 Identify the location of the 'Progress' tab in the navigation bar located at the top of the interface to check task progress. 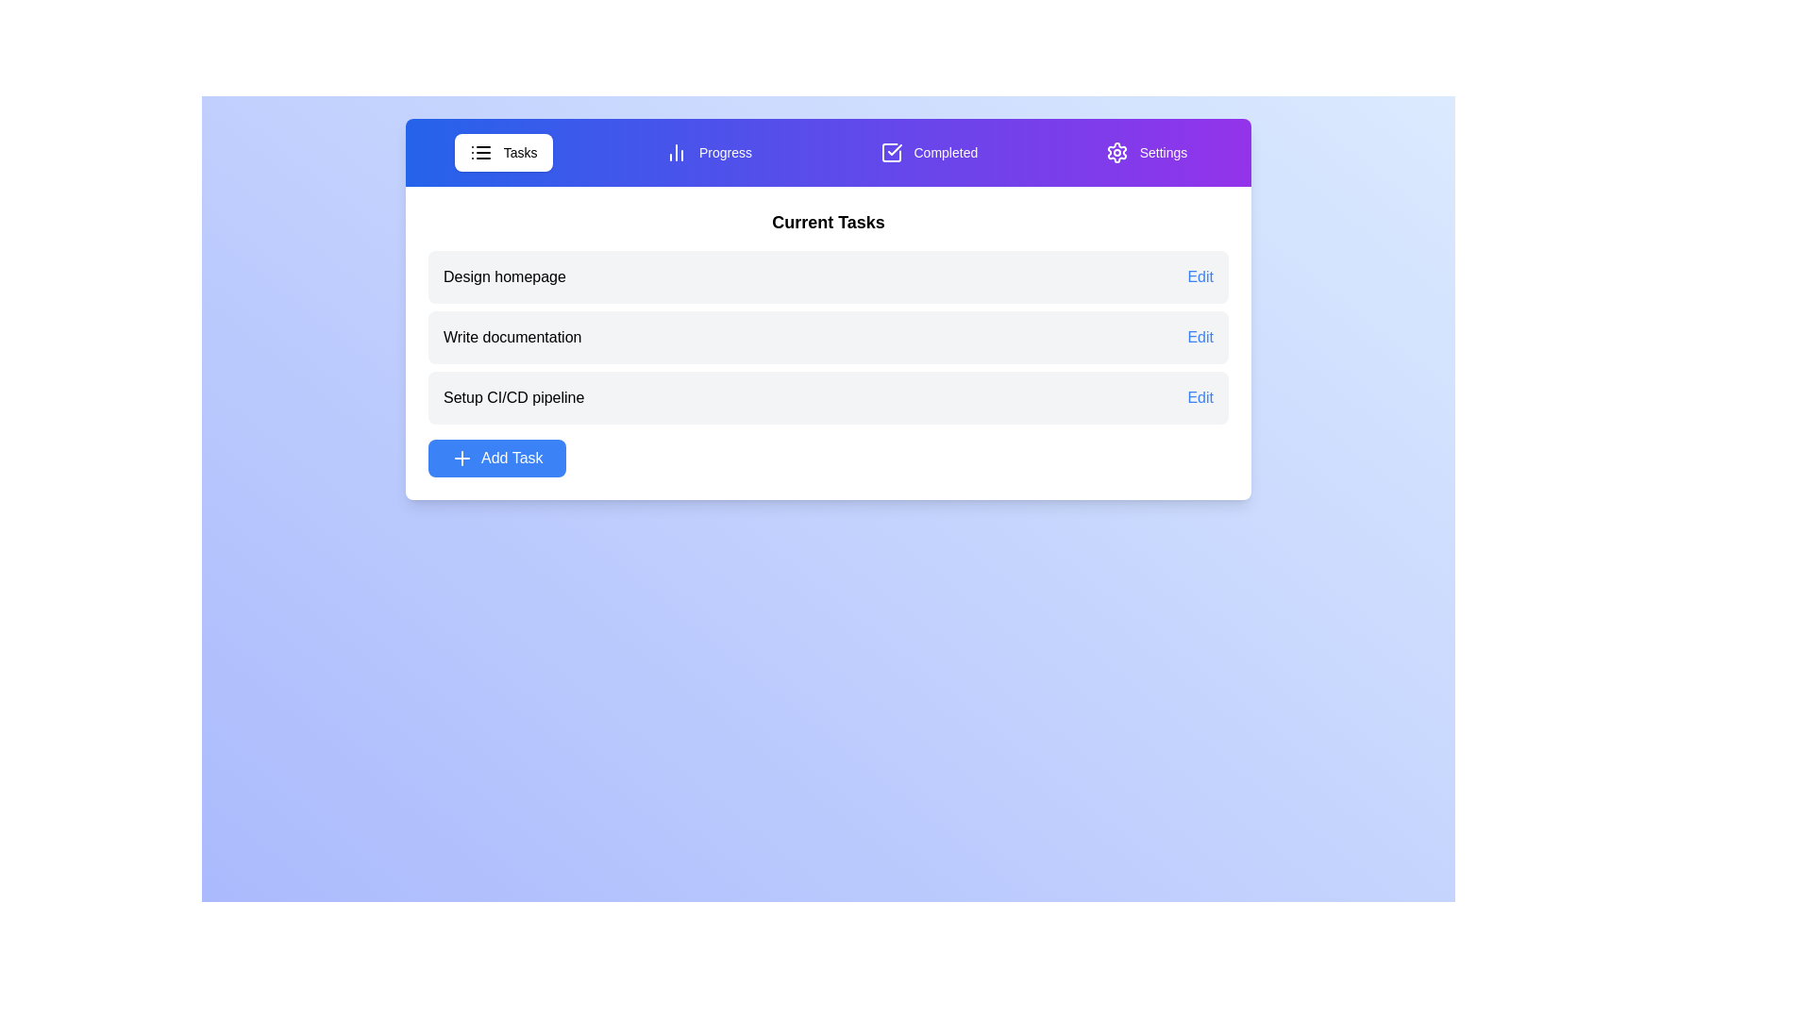
(829, 152).